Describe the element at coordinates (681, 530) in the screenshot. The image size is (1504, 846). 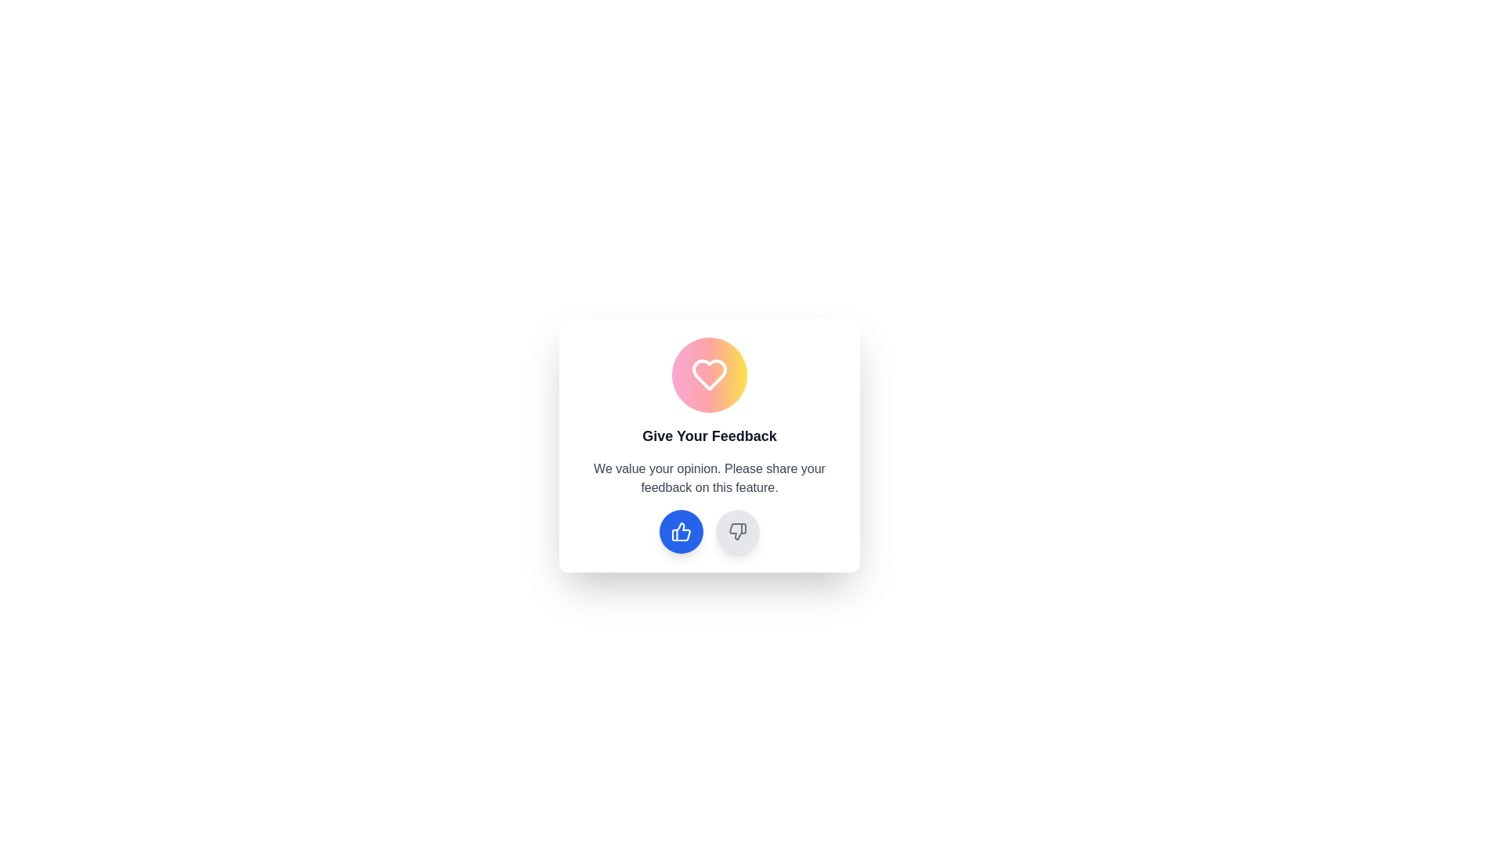
I see `the thumbs-up icon located within the blue circular button at the bottom-left corner of the card to express positive feedback` at that location.